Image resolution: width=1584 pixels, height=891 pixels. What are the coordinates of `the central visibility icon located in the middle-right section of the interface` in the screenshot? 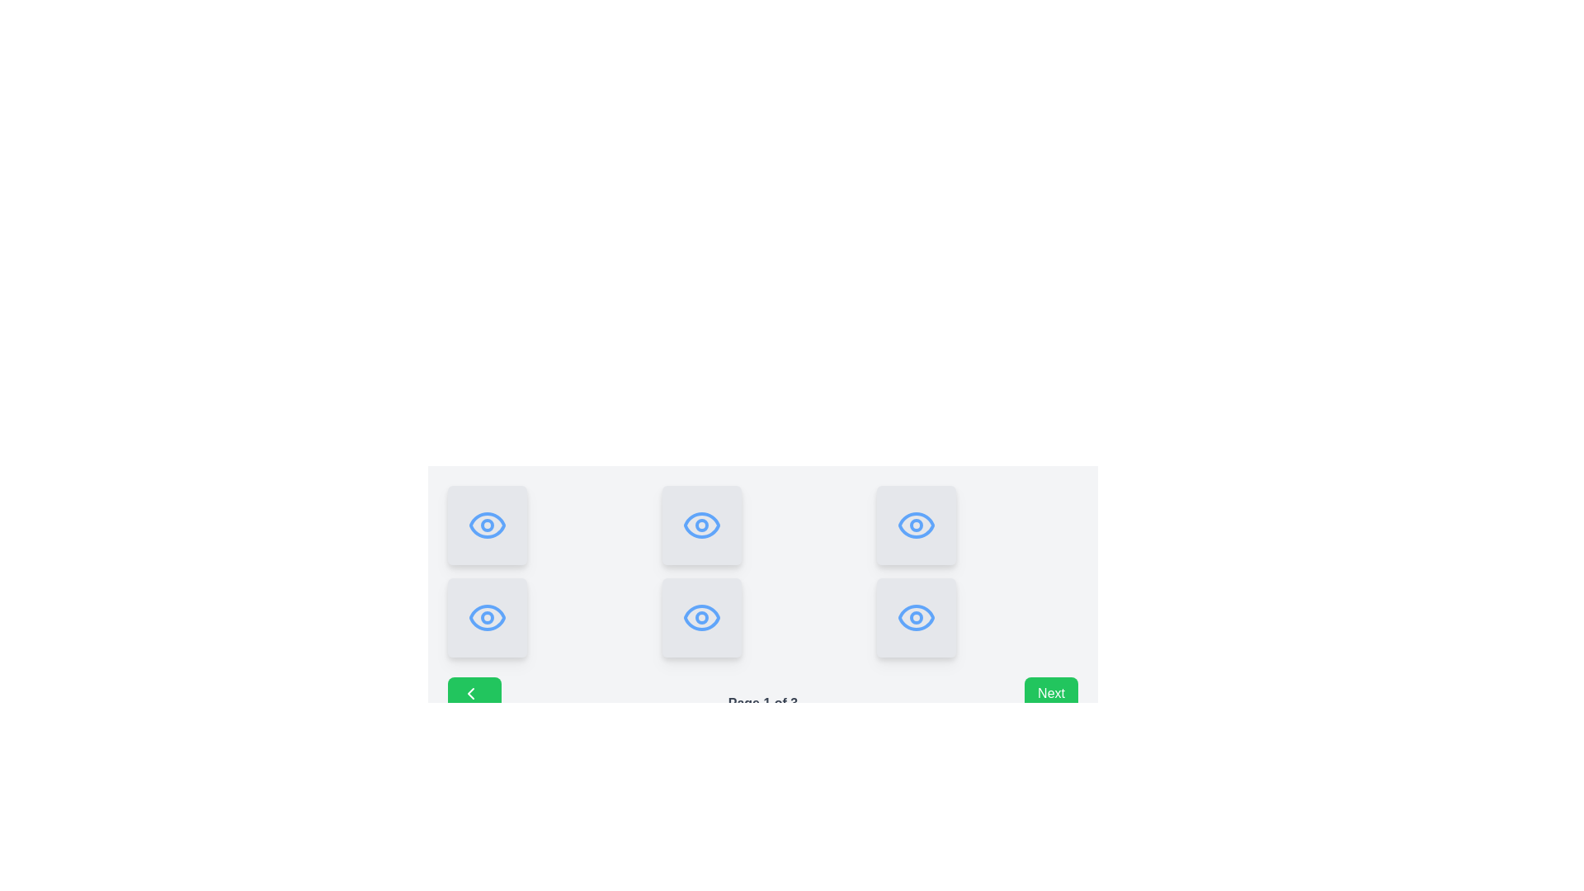 It's located at (701, 617).